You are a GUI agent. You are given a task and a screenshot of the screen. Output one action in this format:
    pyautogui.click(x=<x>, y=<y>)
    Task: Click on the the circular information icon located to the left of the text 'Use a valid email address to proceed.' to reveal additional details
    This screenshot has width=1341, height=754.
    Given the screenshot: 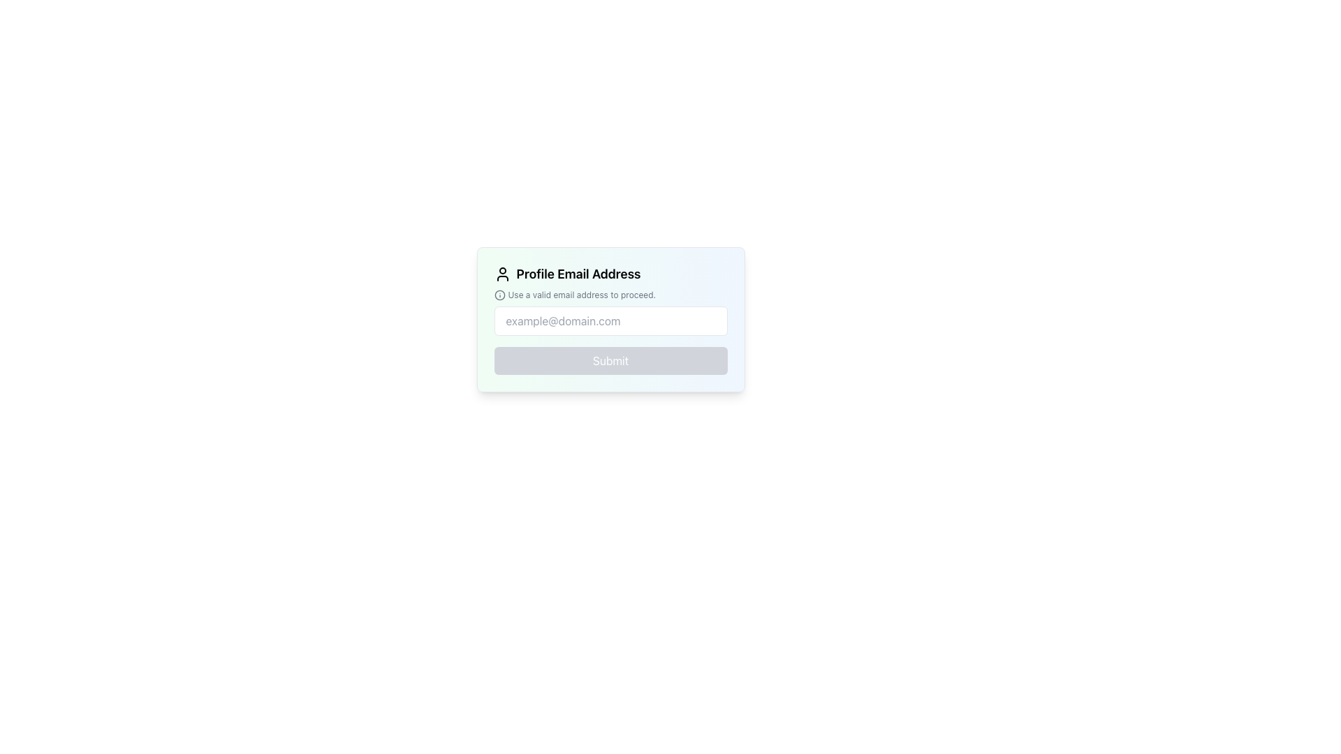 What is the action you would take?
    pyautogui.click(x=499, y=295)
    